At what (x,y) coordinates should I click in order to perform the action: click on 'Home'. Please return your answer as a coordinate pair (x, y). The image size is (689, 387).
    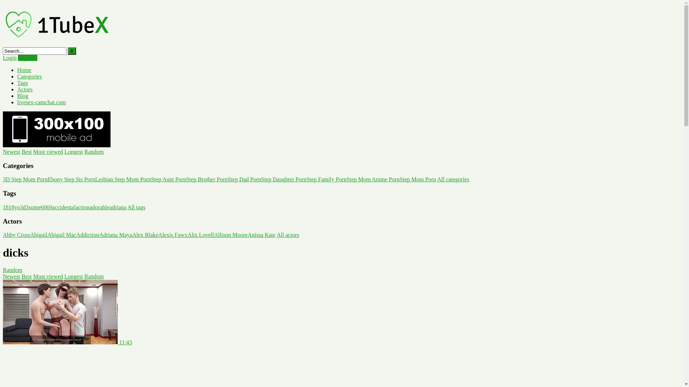
    Looking at the image, I should click on (17, 70).